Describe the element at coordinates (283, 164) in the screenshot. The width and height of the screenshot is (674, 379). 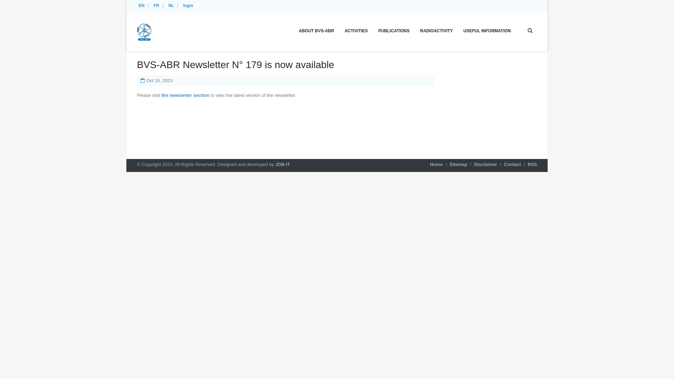
I see `'JDB-IT'` at that location.